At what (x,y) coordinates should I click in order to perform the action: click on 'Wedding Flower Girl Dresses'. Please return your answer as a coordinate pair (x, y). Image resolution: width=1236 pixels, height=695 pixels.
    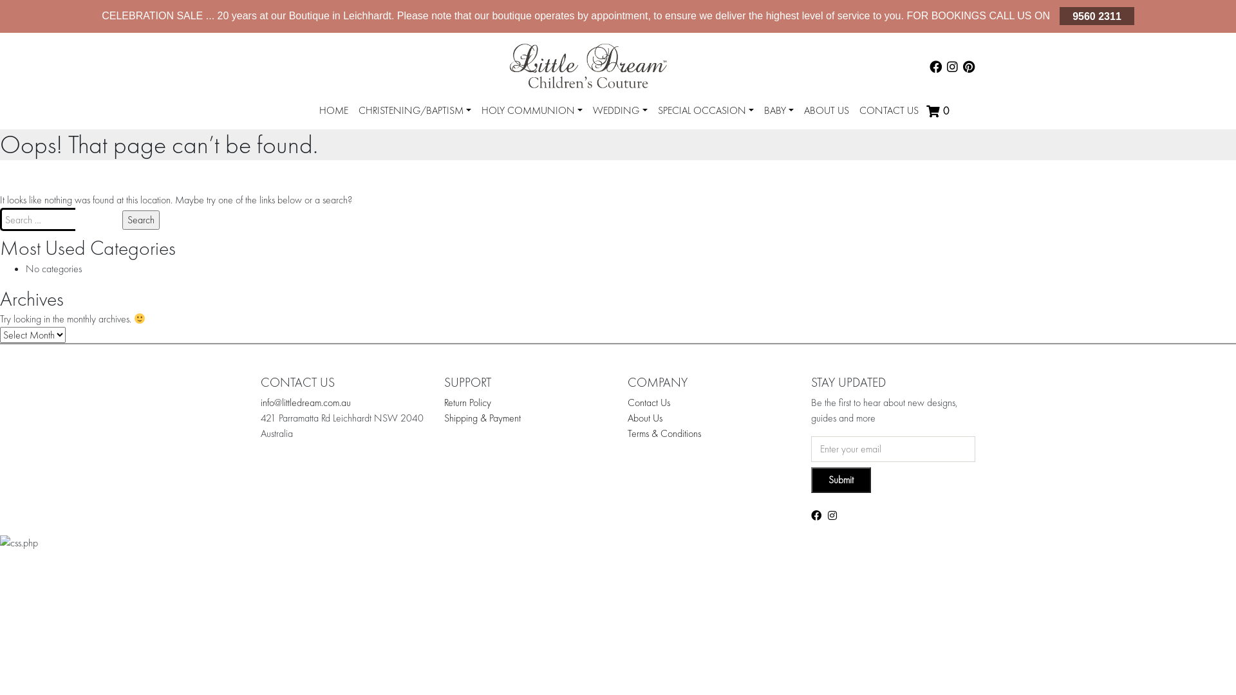
    Looking at the image, I should click on (673, 136).